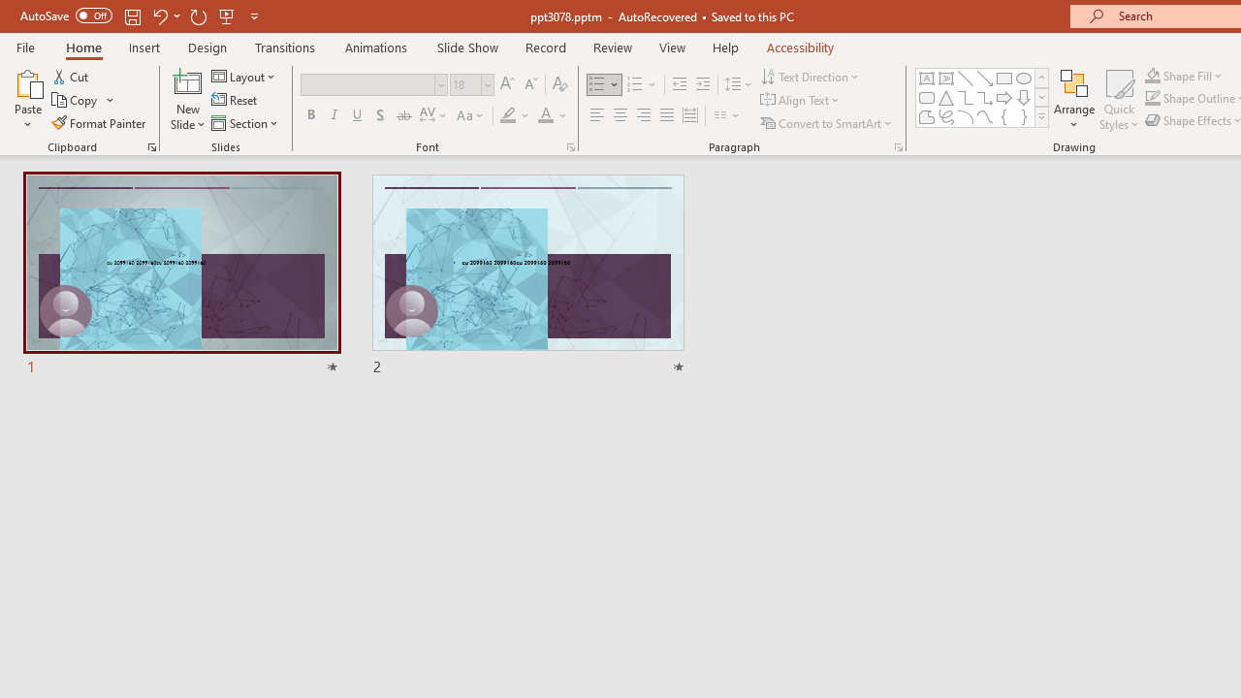 The height and width of the screenshot is (698, 1241). What do you see at coordinates (985, 97) in the screenshot?
I see `'Connector: Elbow Arrow'` at bounding box center [985, 97].